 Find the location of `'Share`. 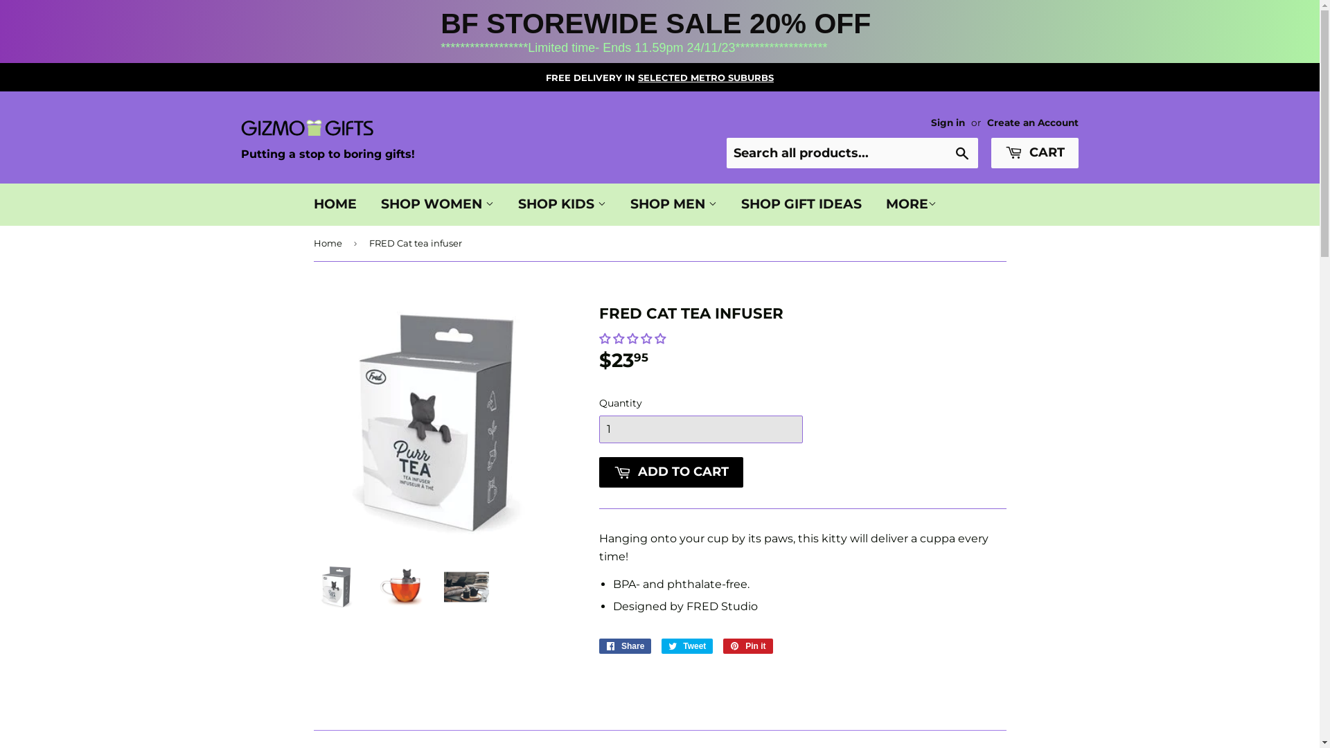

'Share is located at coordinates (598, 646).